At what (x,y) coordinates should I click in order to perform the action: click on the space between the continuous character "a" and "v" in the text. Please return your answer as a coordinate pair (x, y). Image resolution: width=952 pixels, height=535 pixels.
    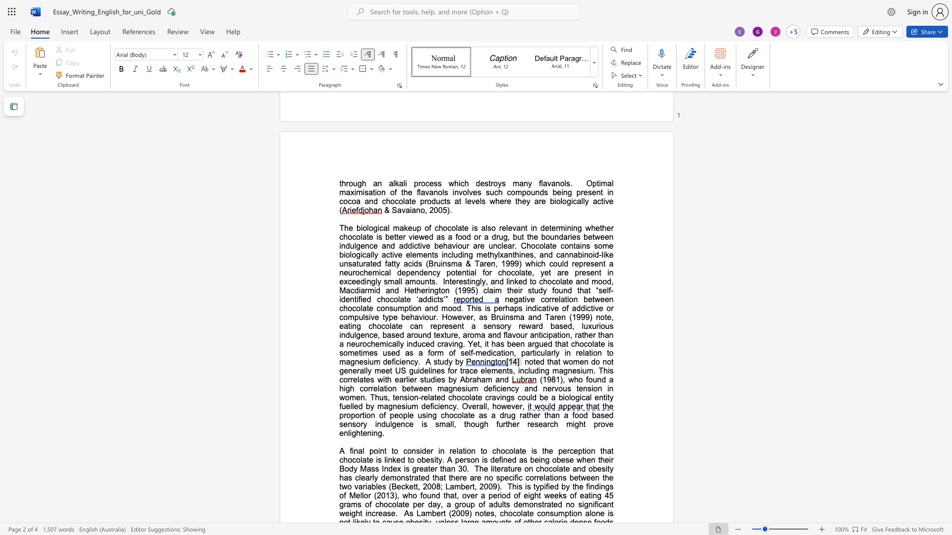
    Looking at the image, I should click on (546, 183).